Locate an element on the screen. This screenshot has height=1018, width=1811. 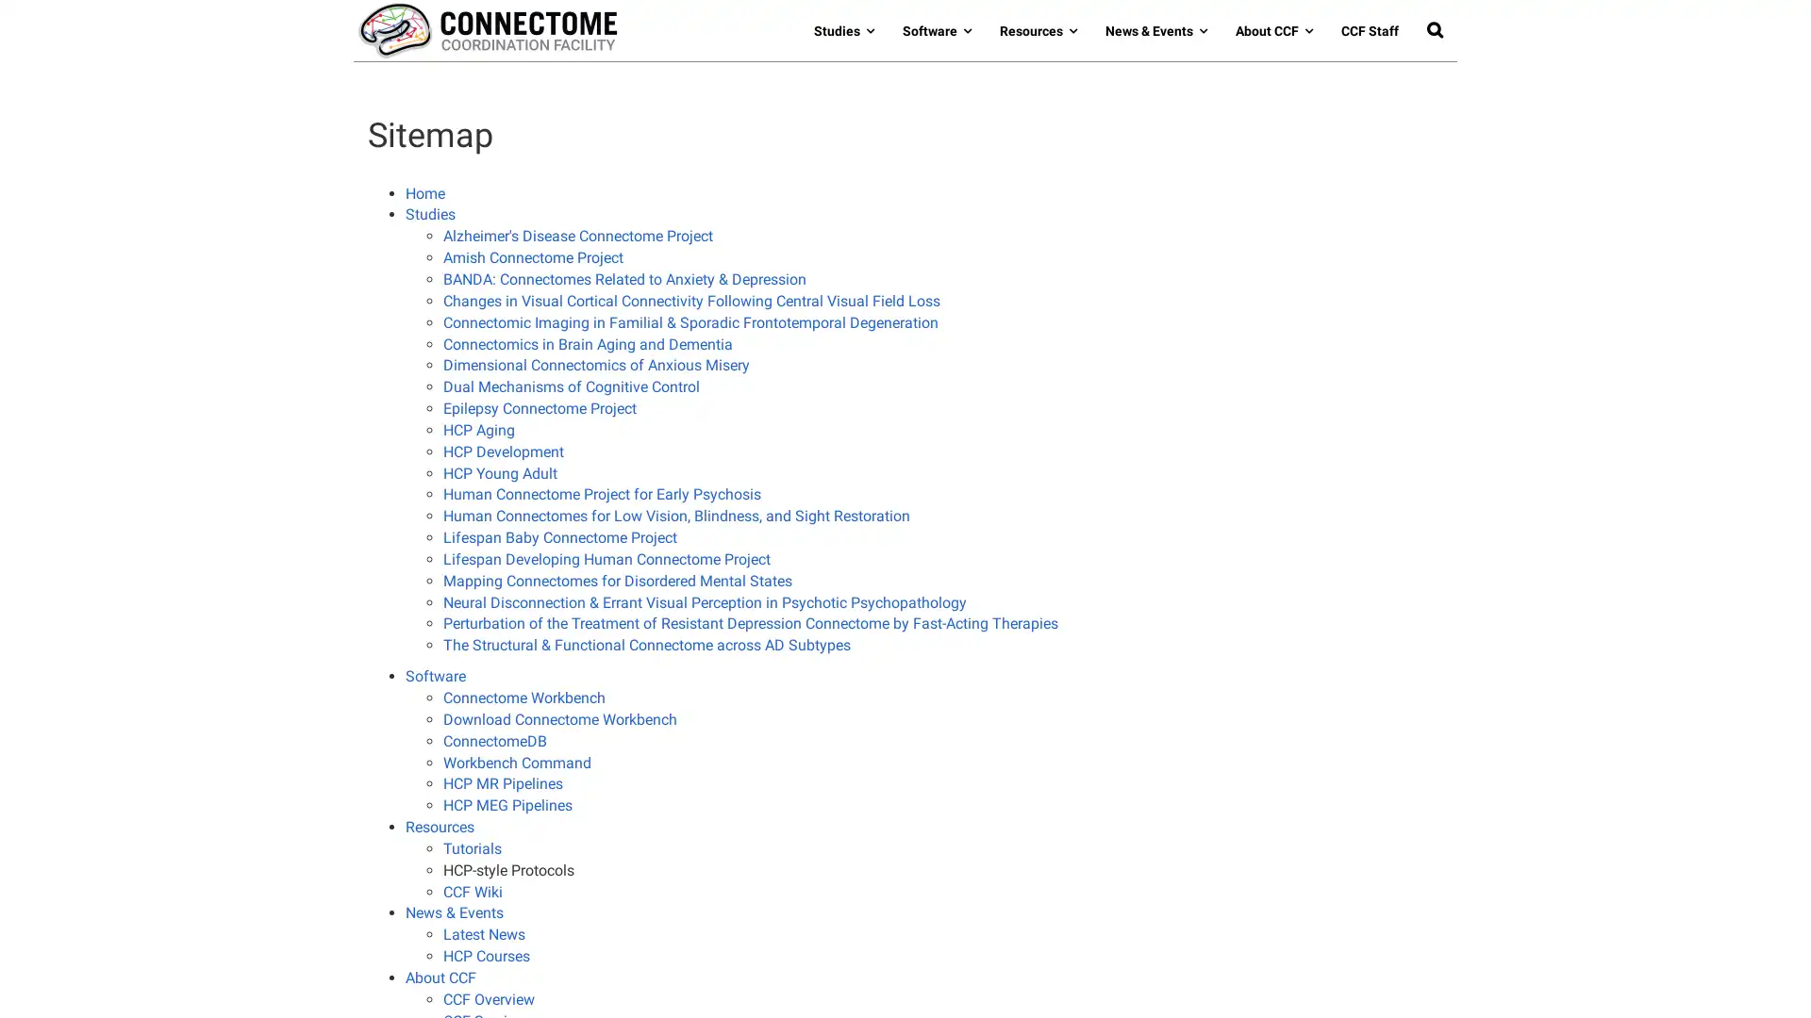
Resources is located at coordinates (1037, 36).